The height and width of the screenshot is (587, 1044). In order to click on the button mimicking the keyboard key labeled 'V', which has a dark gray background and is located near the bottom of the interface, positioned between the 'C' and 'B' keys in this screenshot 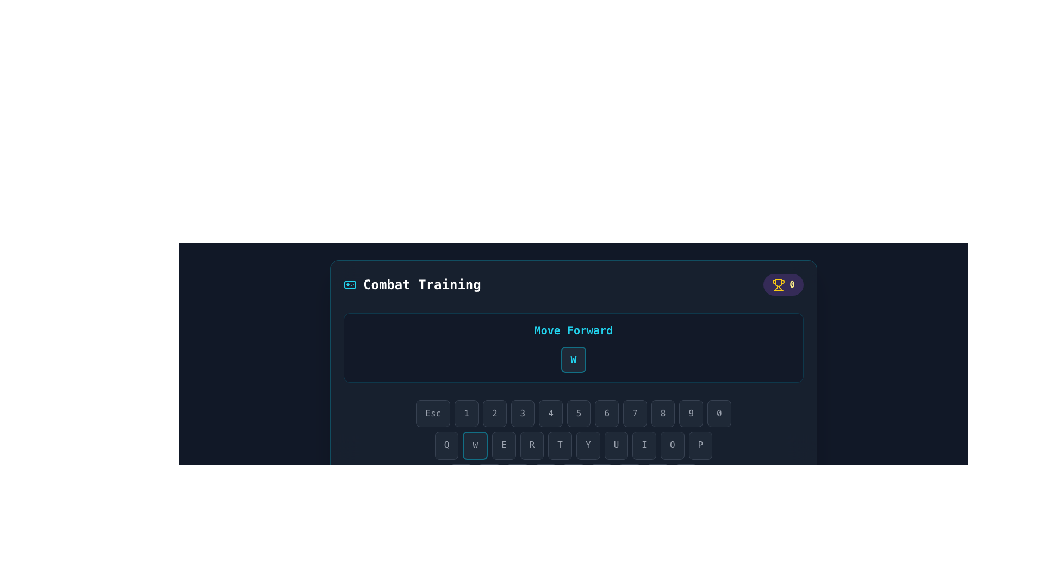, I will do `click(564, 509)`.